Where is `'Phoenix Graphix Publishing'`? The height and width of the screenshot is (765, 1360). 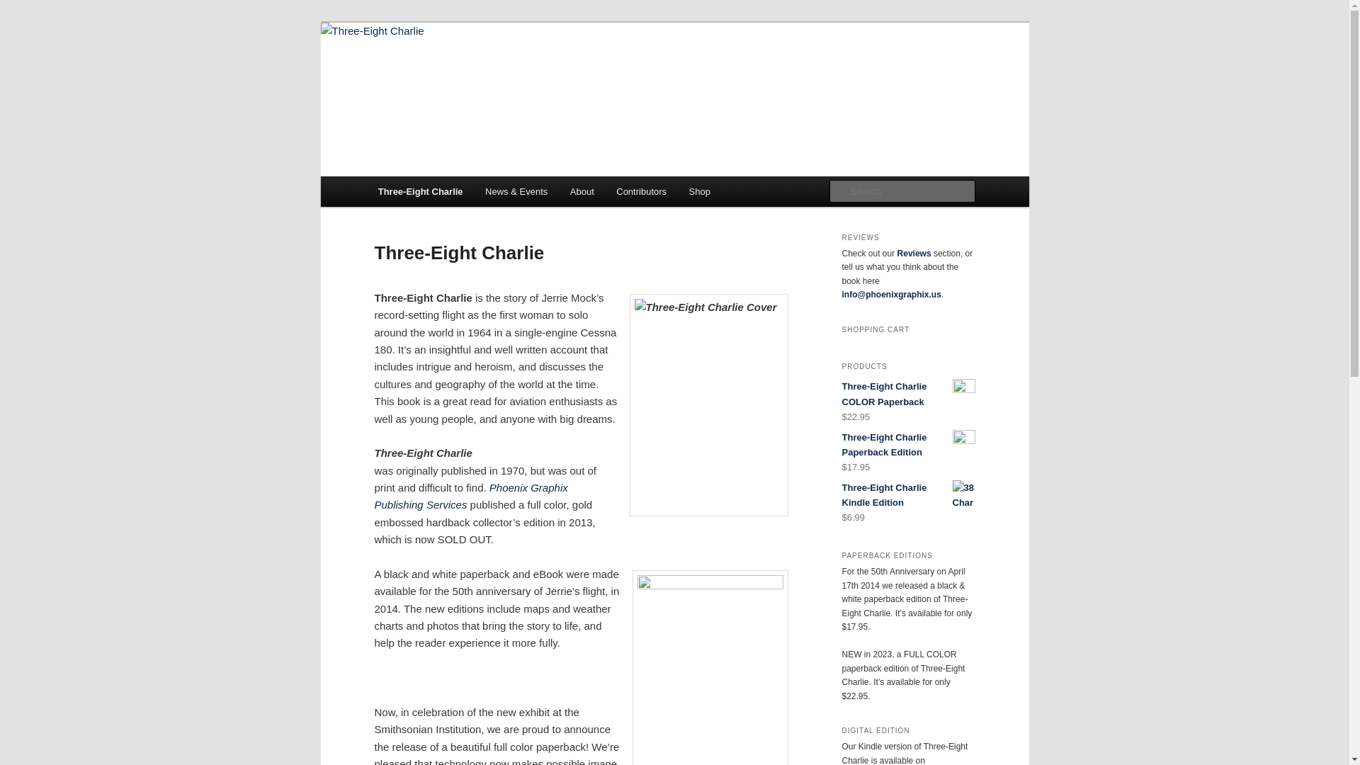 'Phoenix Graphix Publishing' is located at coordinates (374, 495).